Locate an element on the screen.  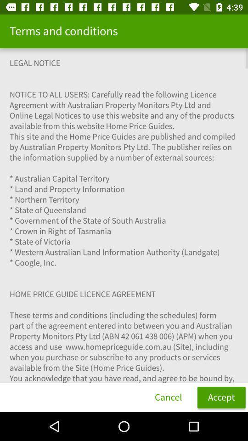
item to the right of cancel item is located at coordinates (221, 397).